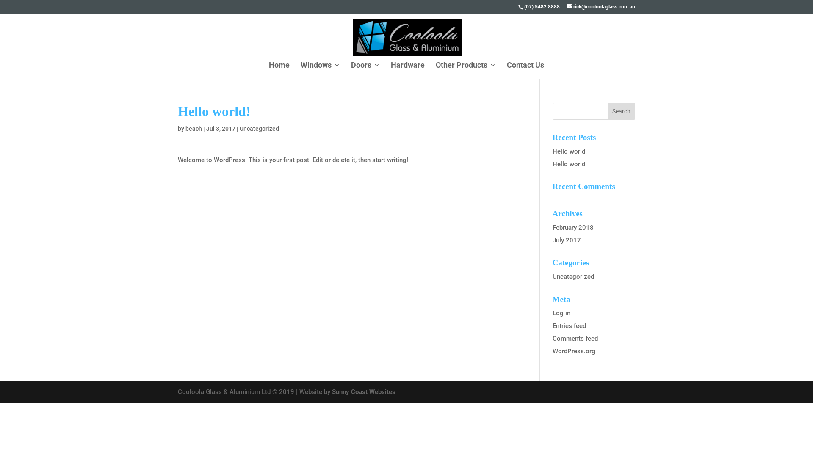  Describe the element at coordinates (465, 69) in the screenshot. I see `'Other Products'` at that location.